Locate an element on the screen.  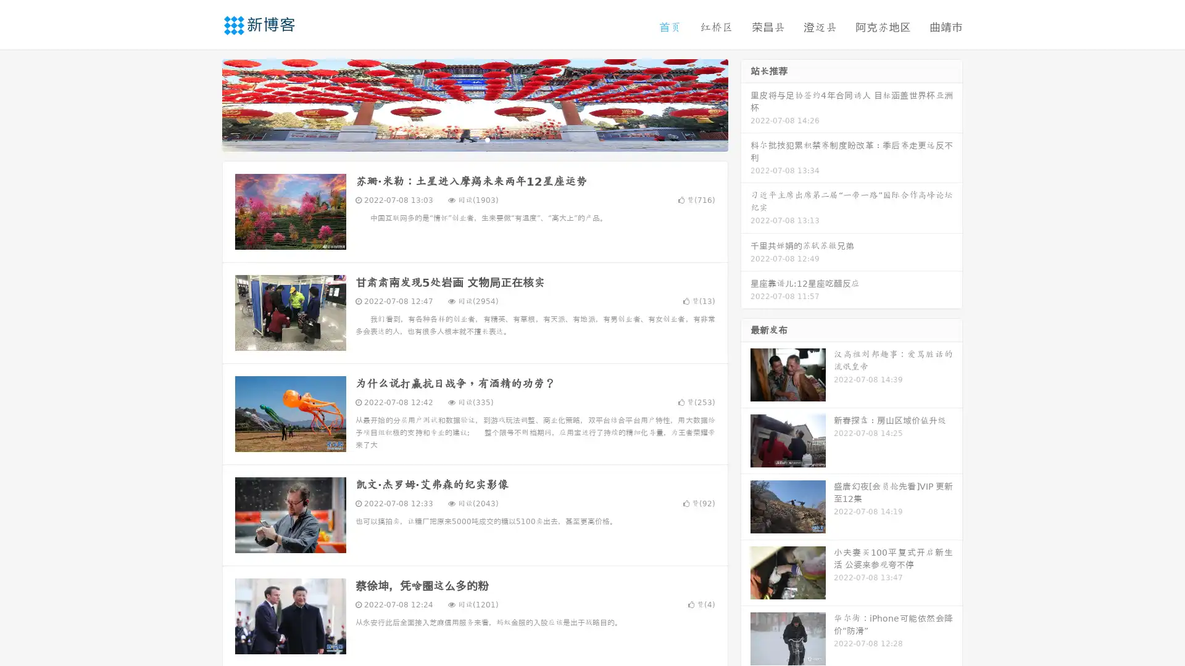
Go to slide 1 is located at coordinates (462, 139).